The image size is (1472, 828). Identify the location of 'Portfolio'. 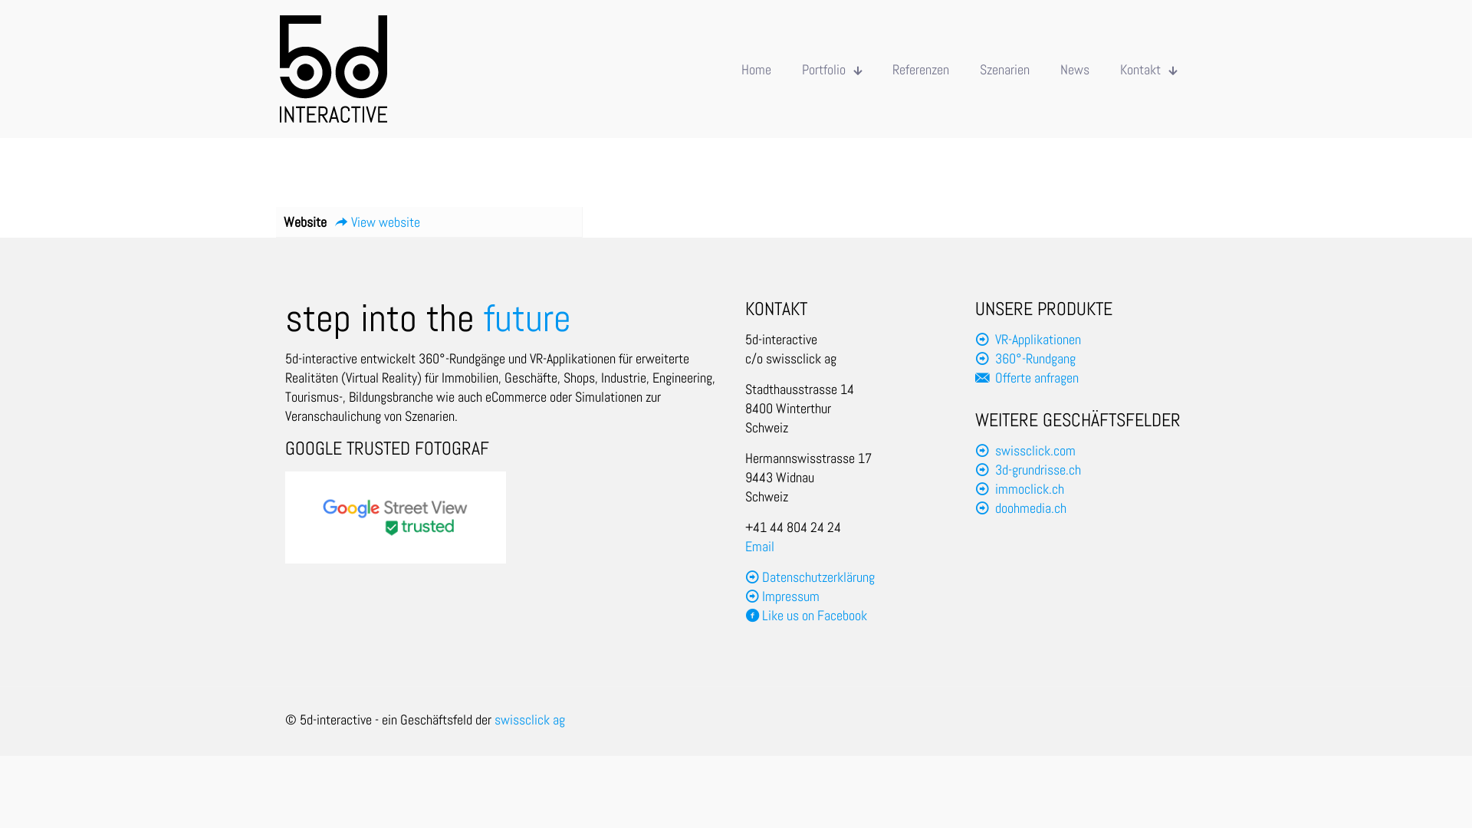
(830, 67).